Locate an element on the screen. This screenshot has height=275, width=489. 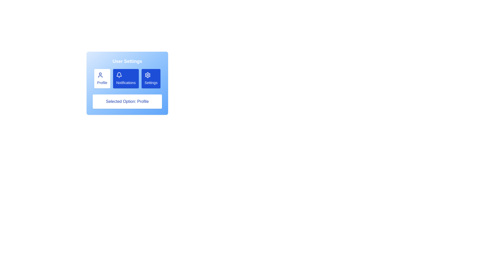
the section Profile by clicking the corresponding button is located at coordinates (102, 78).